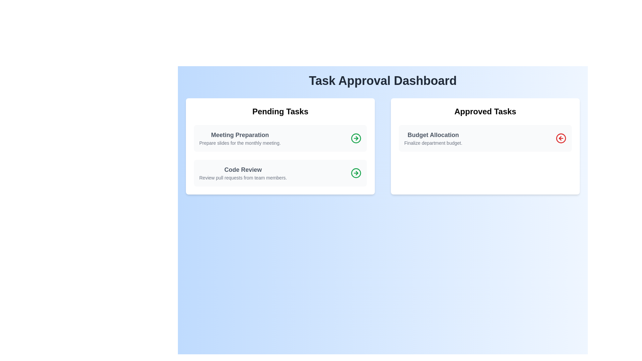 The width and height of the screenshot is (642, 361). I want to click on the Arrowhead icon within the rightward-facing arrow SVG icon in the 'Pending Tasks' list, located near the right edge of the 'Meeting Preparation' card, so click(356, 172).